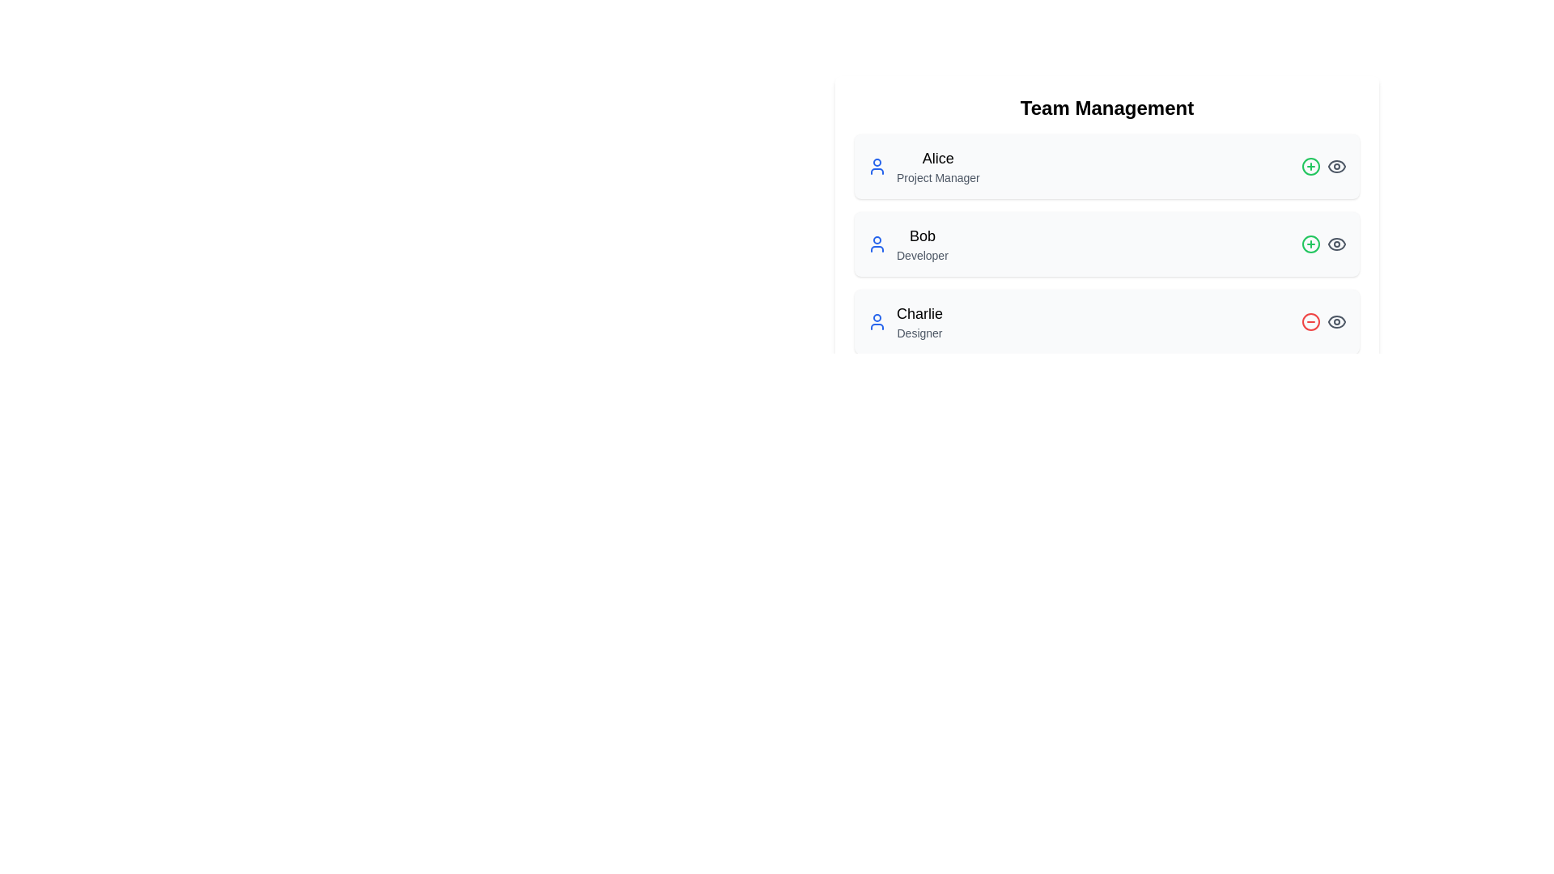 The height and width of the screenshot is (874, 1554). I want to click on the Eye icon for Charlie, so click(1336, 321).